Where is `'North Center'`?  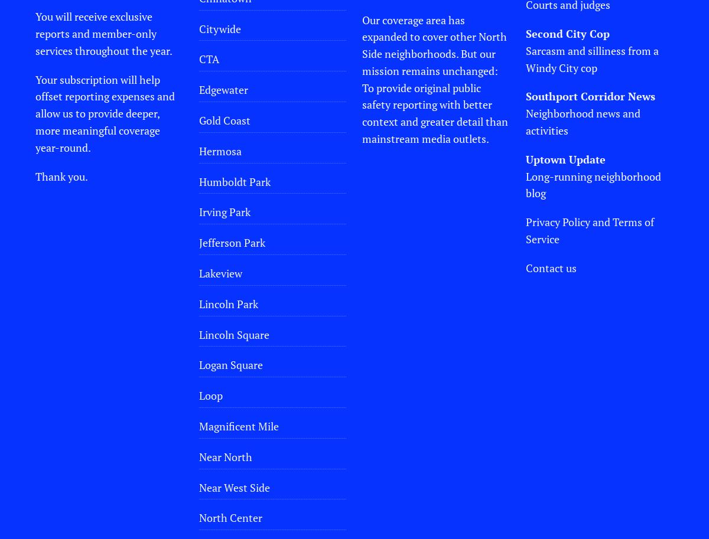
'North Center' is located at coordinates (230, 517).